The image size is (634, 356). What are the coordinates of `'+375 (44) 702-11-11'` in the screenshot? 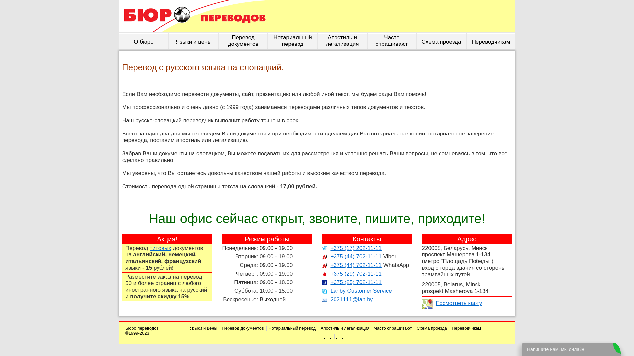 It's located at (355, 256).